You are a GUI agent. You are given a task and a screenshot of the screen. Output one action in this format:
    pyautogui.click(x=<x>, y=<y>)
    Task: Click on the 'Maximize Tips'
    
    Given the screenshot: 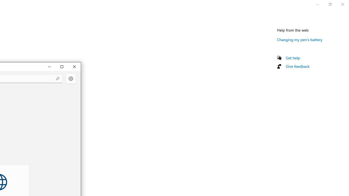 What is the action you would take?
    pyautogui.click(x=62, y=66)
    